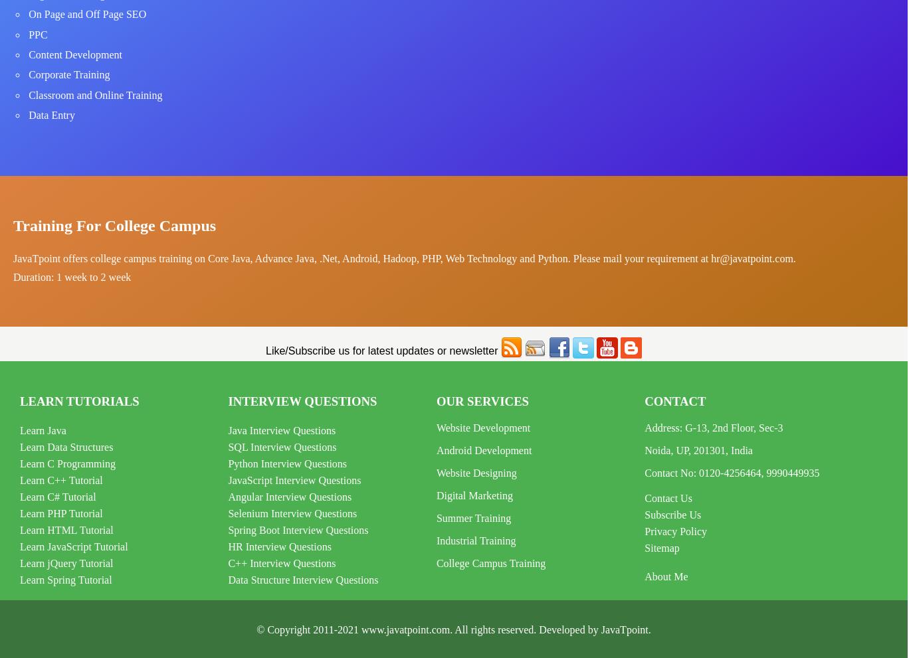 Image resolution: width=909 pixels, height=658 pixels. Describe the element at coordinates (294, 479) in the screenshot. I see `'JavaScript Interview Questions'` at that location.